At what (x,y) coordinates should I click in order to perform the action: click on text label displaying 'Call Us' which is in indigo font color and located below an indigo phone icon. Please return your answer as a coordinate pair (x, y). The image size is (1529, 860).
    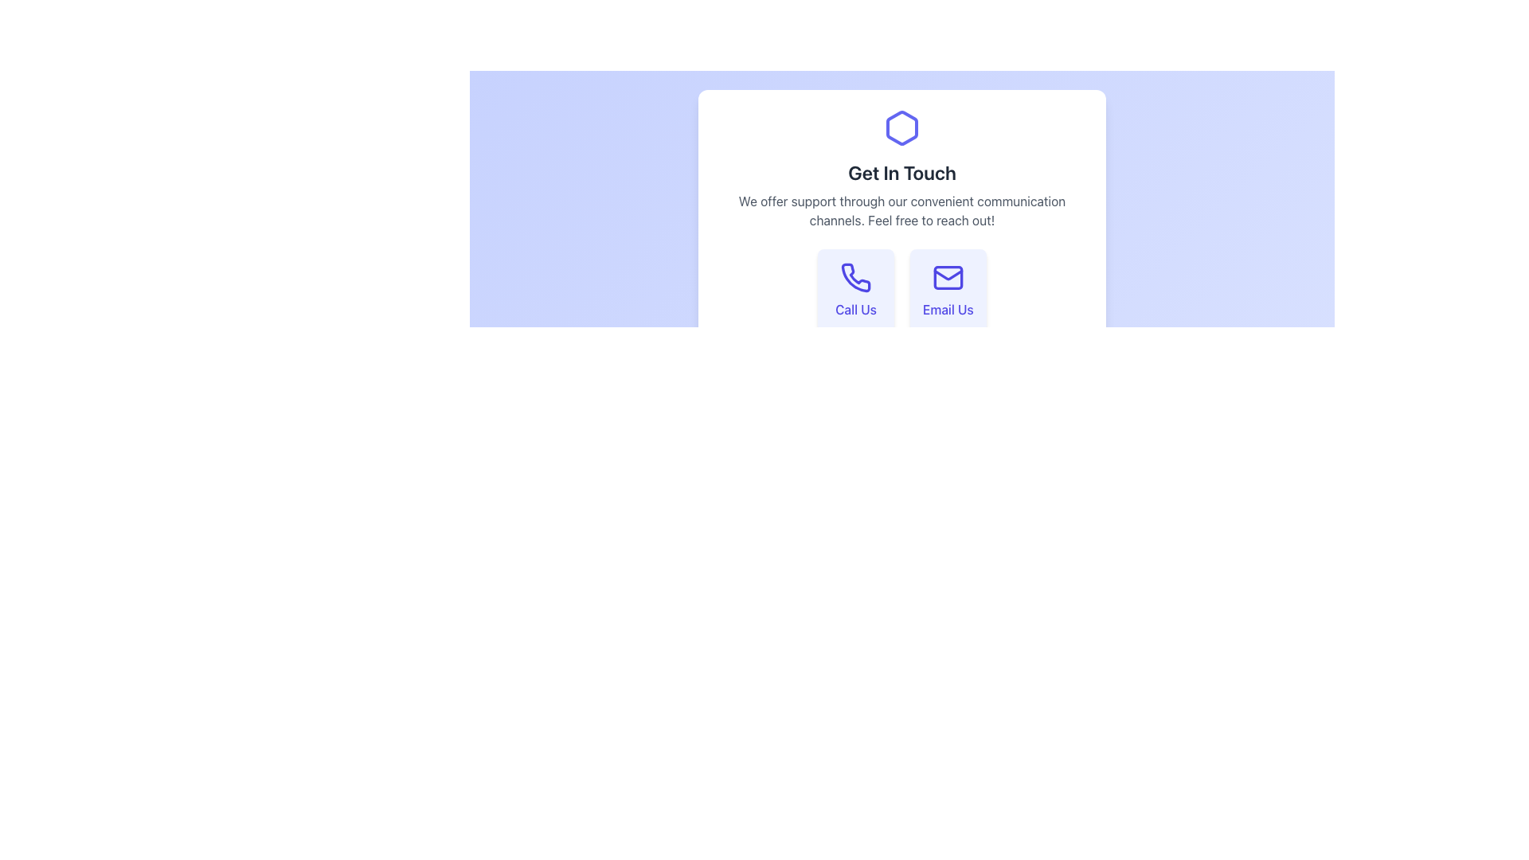
    Looking at the image, I should click on (855, 310).